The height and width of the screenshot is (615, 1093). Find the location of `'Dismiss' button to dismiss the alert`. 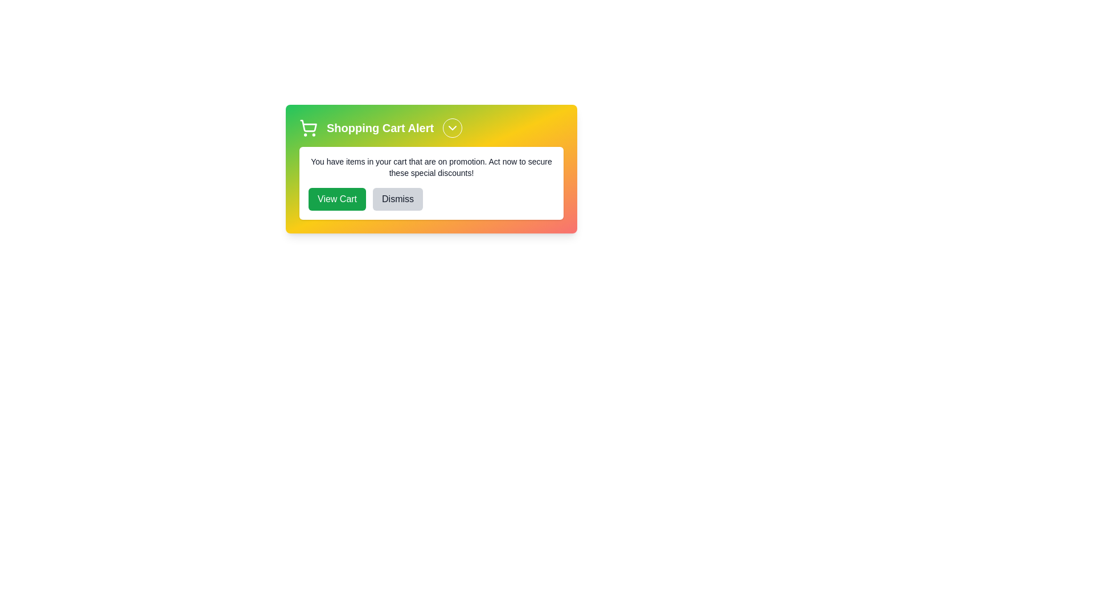

'Dismiss' button to dismiss the alert is located at coordinates (398, 199).